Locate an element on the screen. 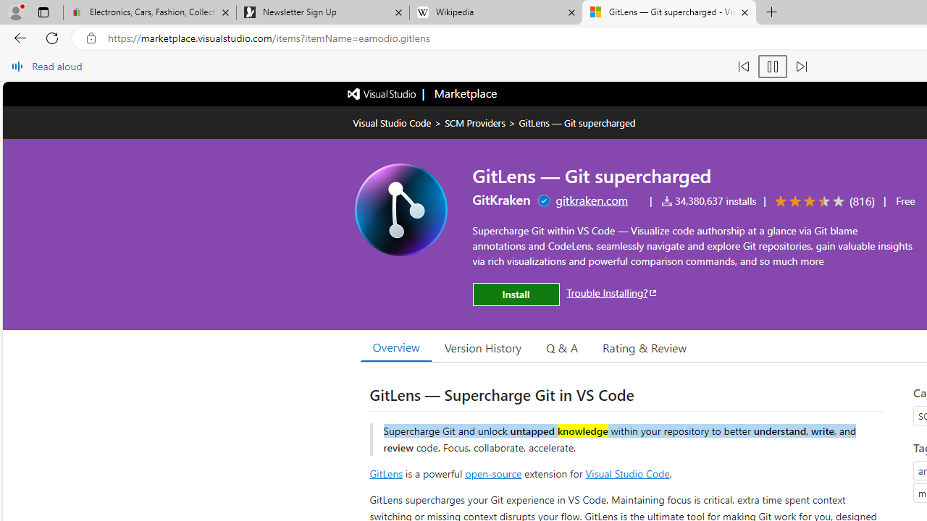  'Overview' is located at coordinates (395, 347).